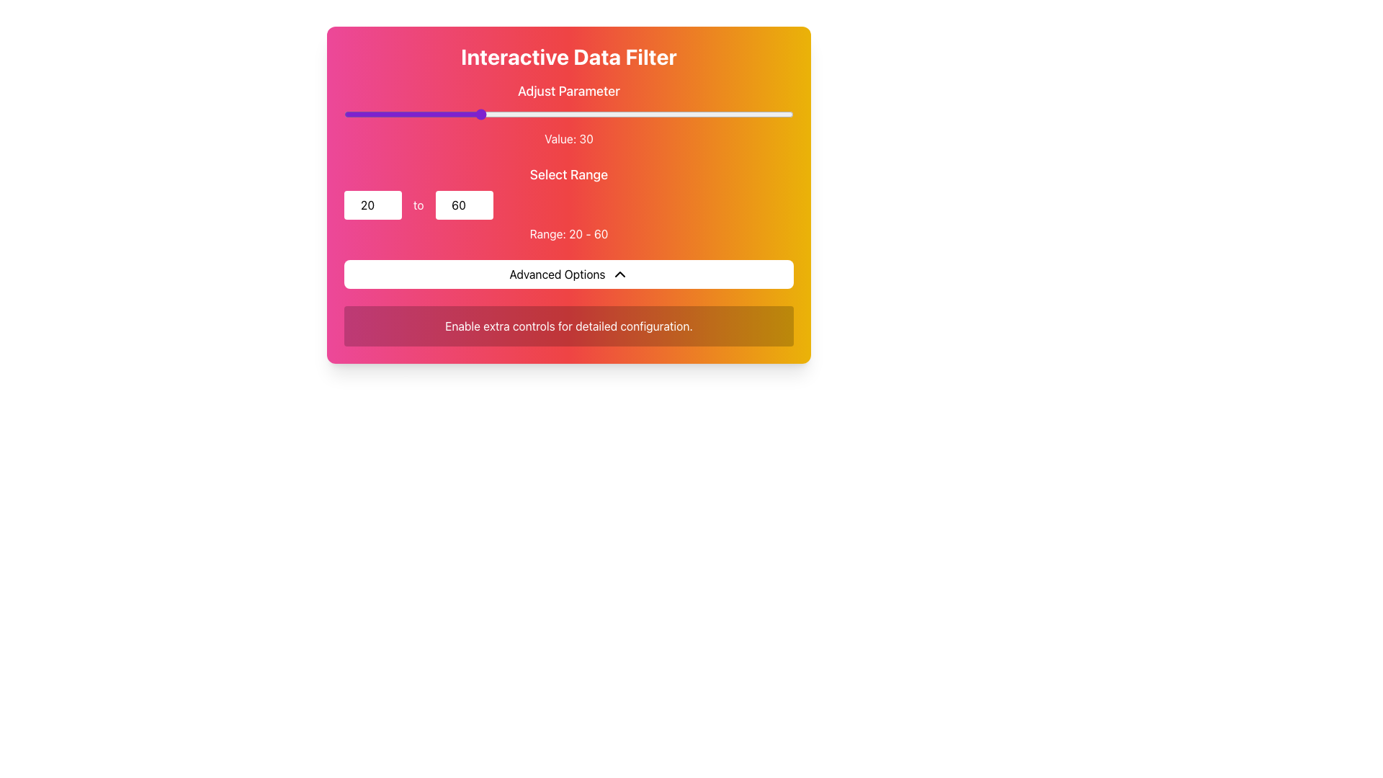 This screenshot has width=1383, height=778. What do you see at coordinates (619, 274) in the screenshot?
I see `the Chevron icon located on the right side of the 'Advanced Options' button` at bounding box center [619, 274].